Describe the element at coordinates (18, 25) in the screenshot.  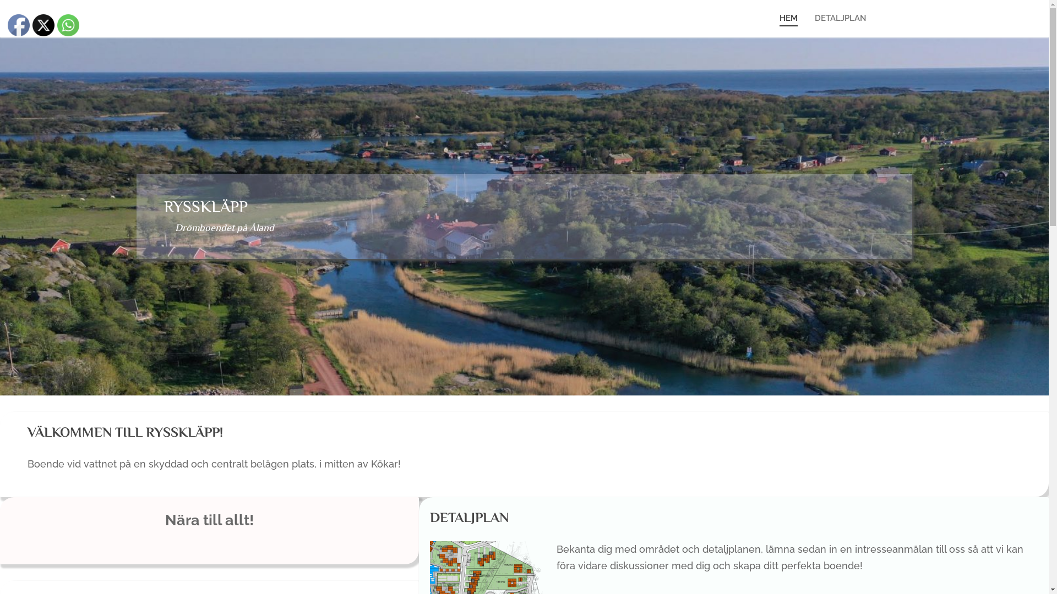
I see `'Facebook'` at that location.